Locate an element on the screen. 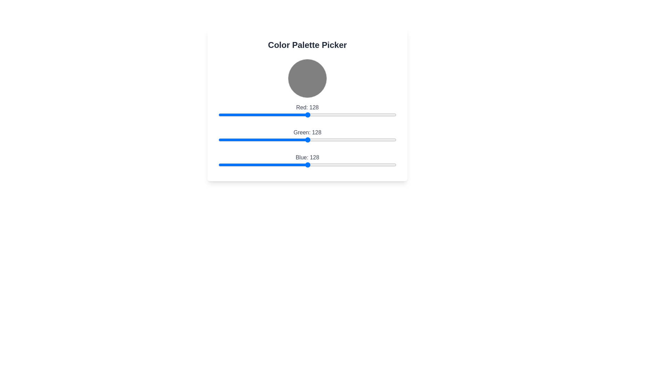 This screenshot has width=667, height=375. the 'Red' color component is located at coordinates (327, 115).